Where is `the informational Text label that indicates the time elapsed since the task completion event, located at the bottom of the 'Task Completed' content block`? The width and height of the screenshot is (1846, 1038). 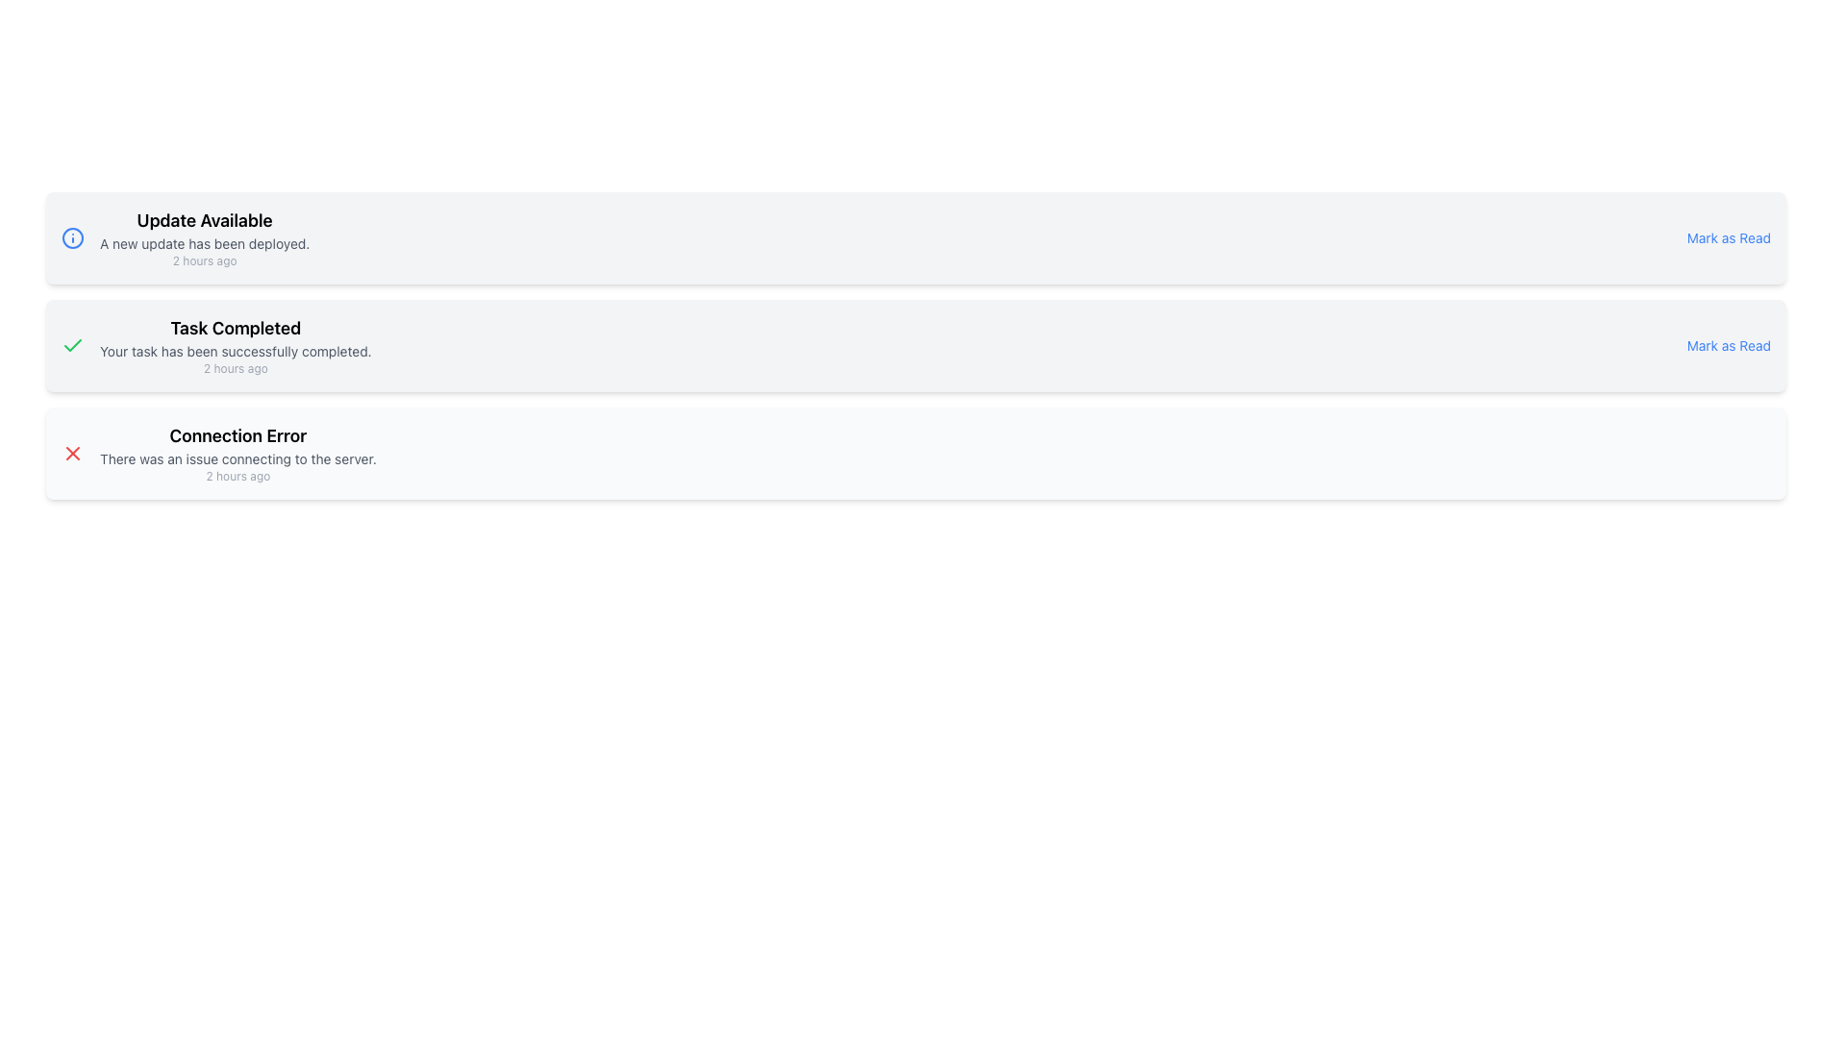 the informational Text label that indicates the time elapsed since the task completion event, located at the bottom of the 'Task Completed' content block is located at coordinates (235, 369).